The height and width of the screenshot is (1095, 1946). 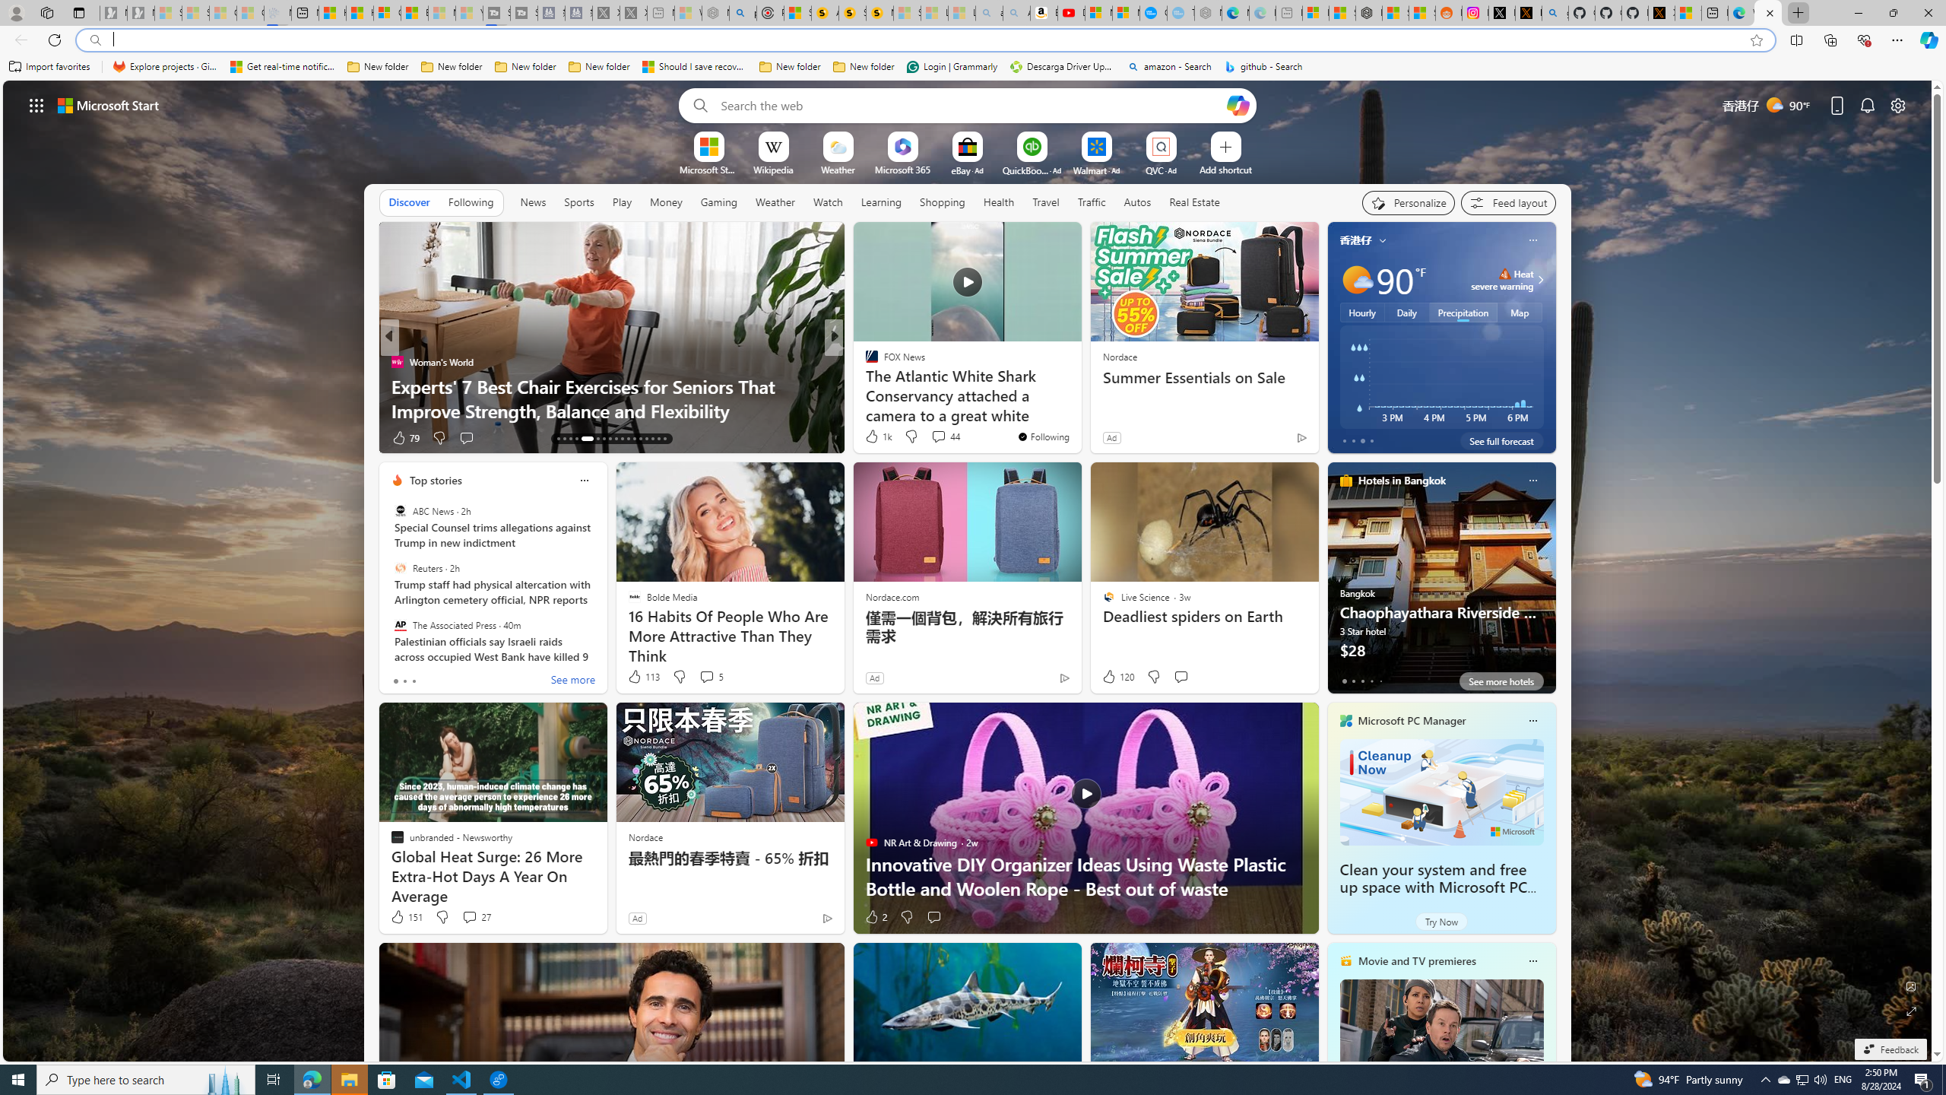 What do you see at coordinates (875, 437) in the screenshot?
I see `'186 Like'` at bounding box center [875, 437].